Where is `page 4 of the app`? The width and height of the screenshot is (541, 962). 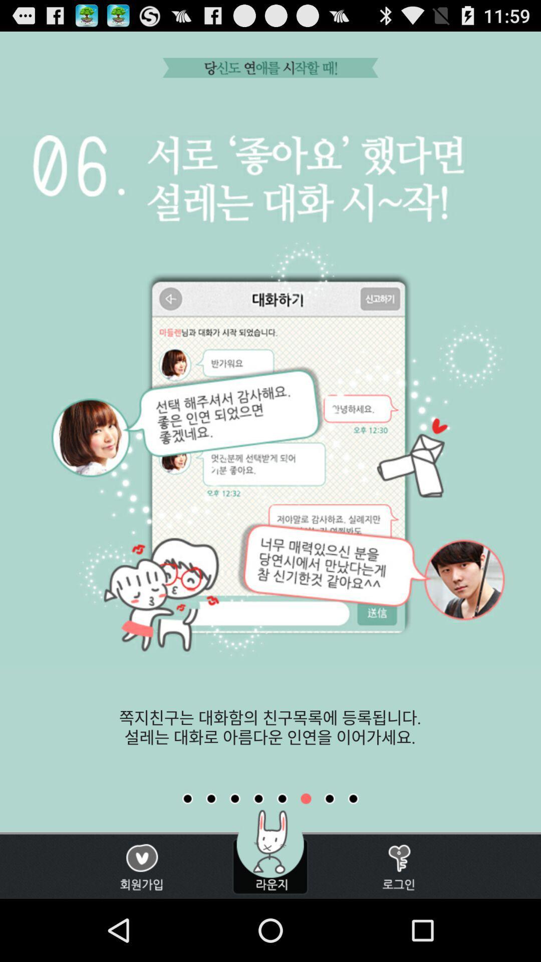
page 4 of the app is located at coordinates (258, 798).